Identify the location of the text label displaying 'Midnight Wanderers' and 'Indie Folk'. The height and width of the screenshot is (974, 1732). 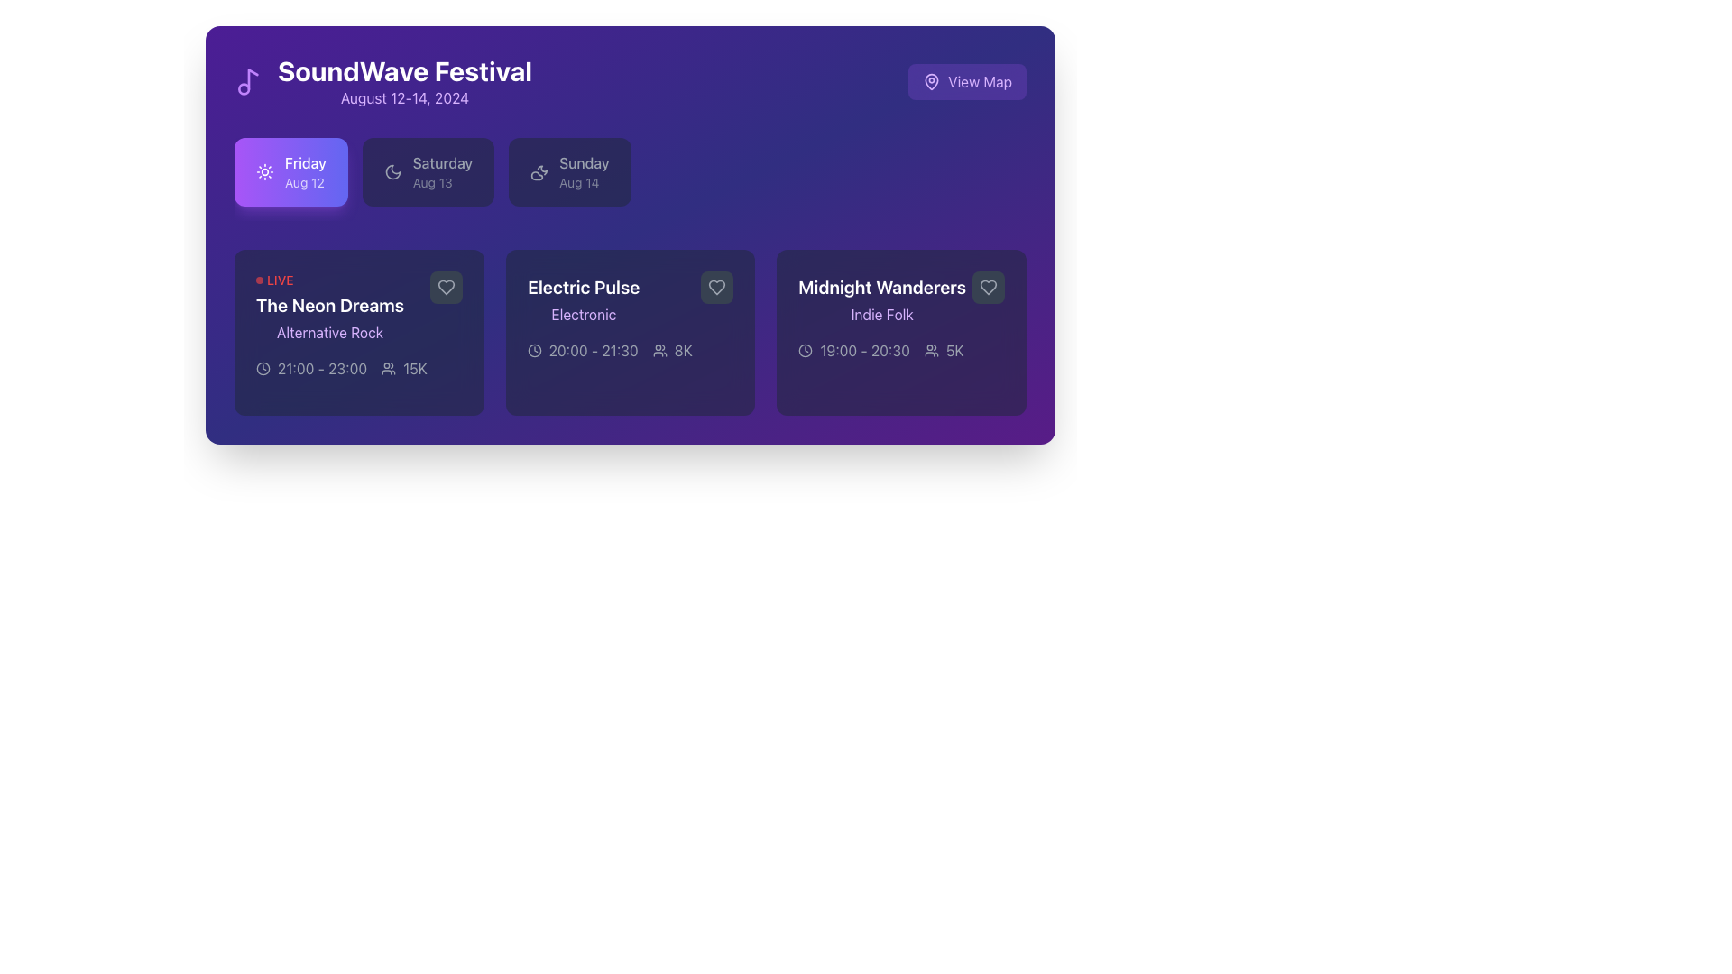
(882, 298).